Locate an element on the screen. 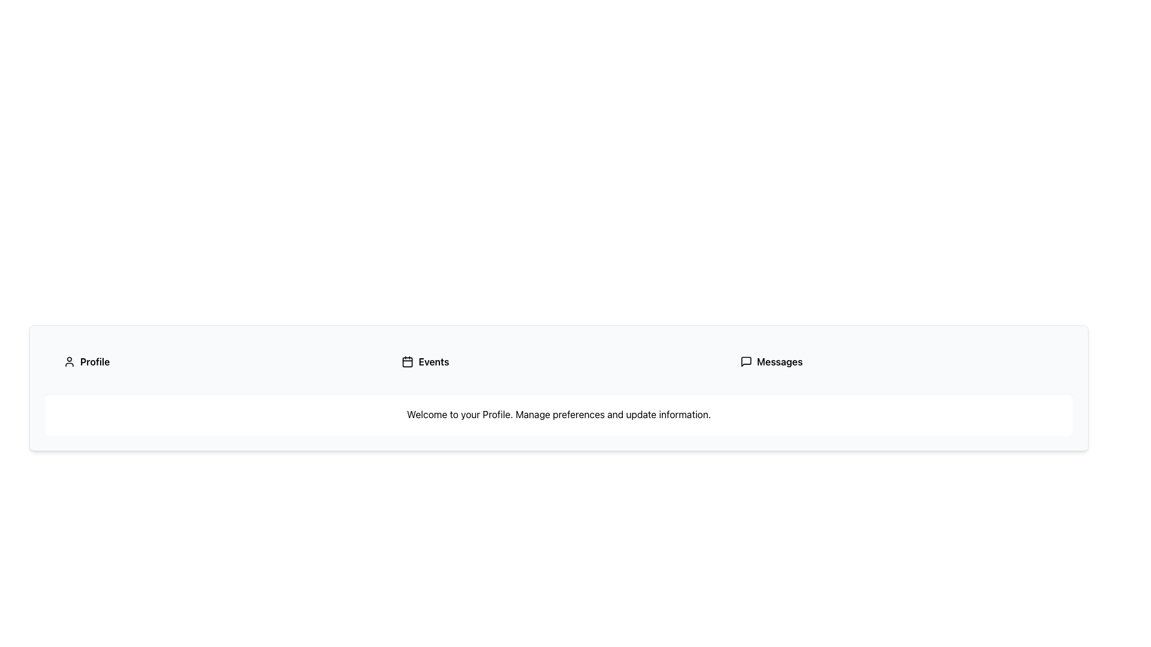 The height and width of the screenshot is (647, 1151). the 'Profile' button, which is the first button in a horizontal row of three buttons labeled 'Profile', 'Events', and 'Messages' is located at coordinates (221, 361).